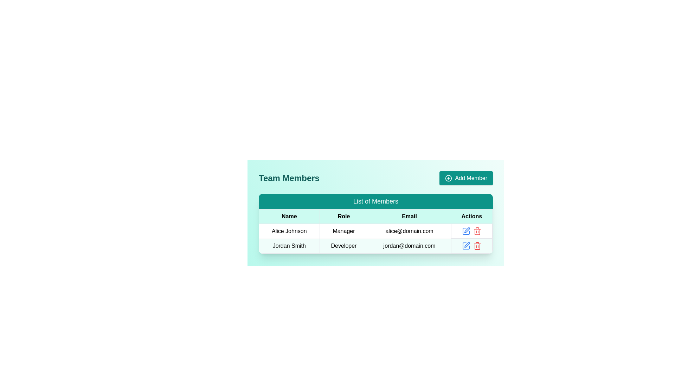 This screenshot has width=675, height=379. Describe the element at coordinates (289, 216) in the screenshot. I see `the Header Label located at the top-left corner of the table, which labels the column for names in the grid header` at that location.